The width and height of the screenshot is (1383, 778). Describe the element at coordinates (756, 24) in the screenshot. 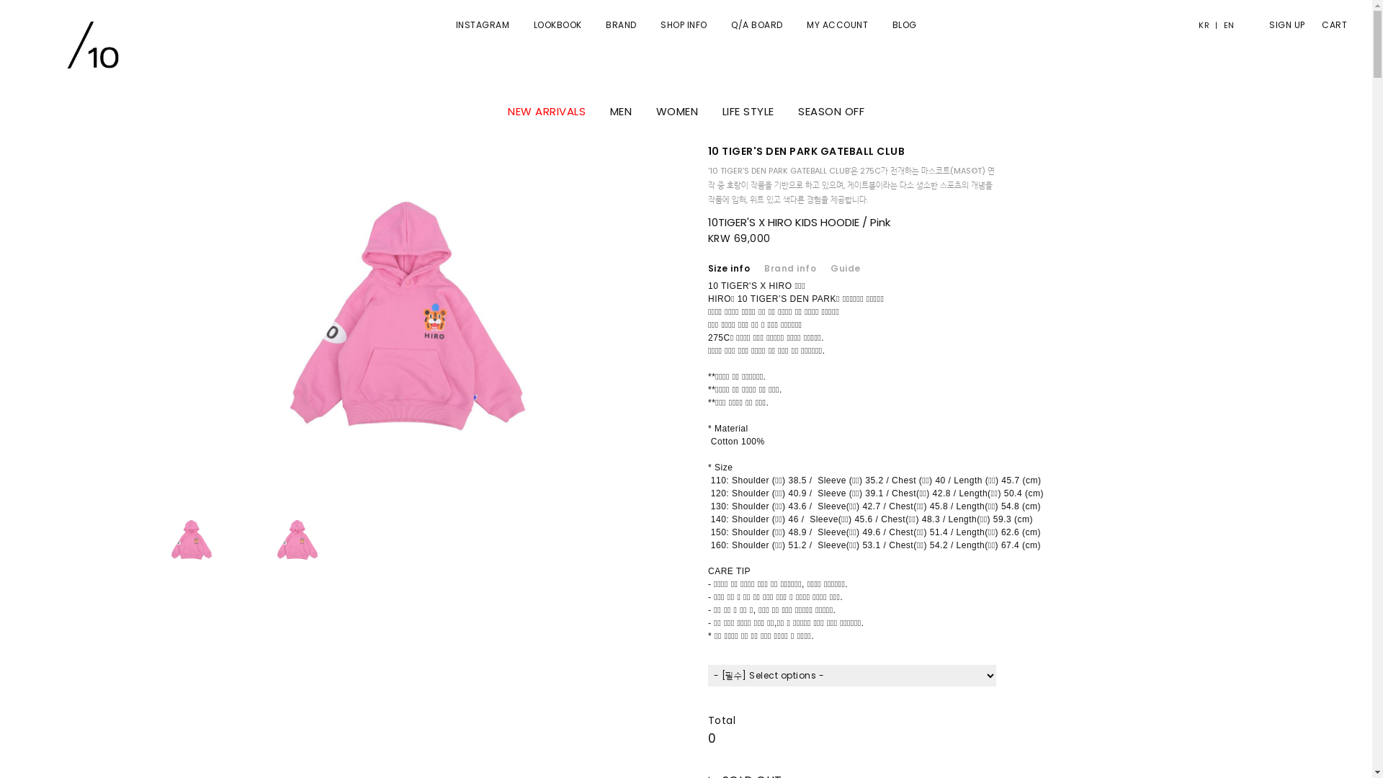

I see `'Q/A BOARD'` at that location.